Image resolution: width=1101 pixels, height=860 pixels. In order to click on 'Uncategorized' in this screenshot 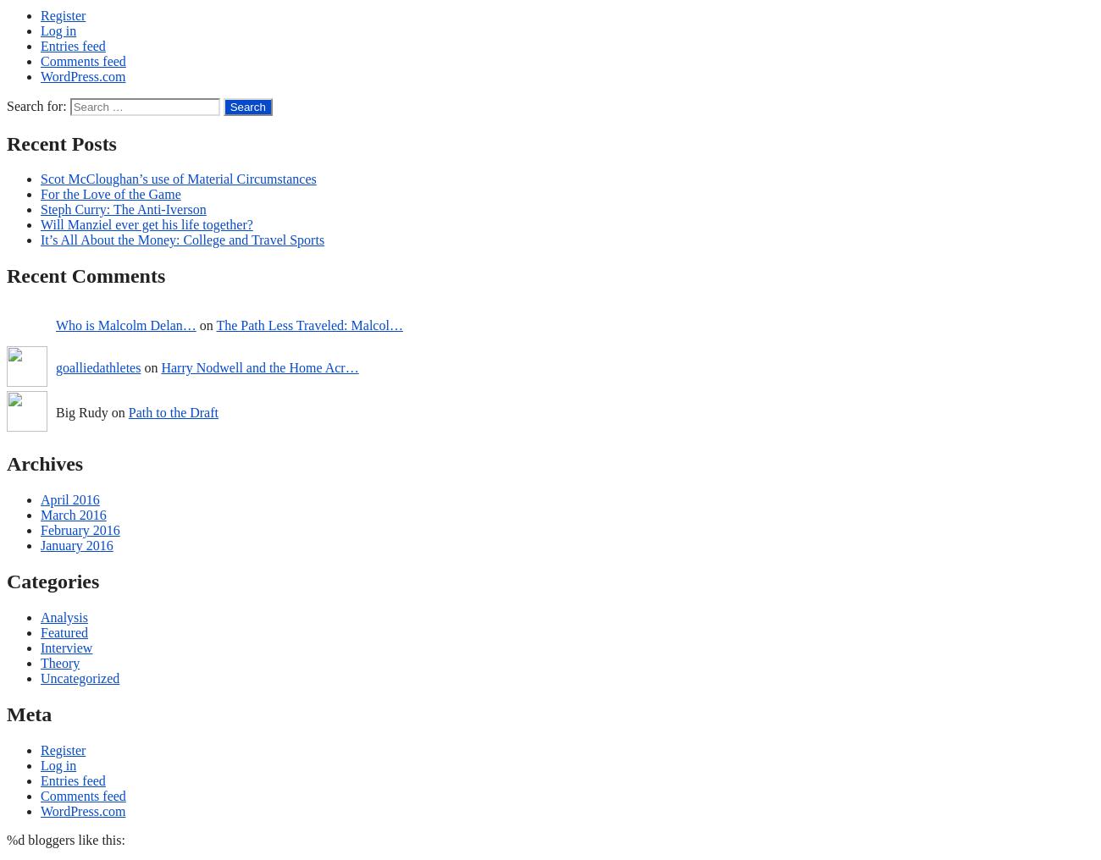, I will do `click(80, 676)`.